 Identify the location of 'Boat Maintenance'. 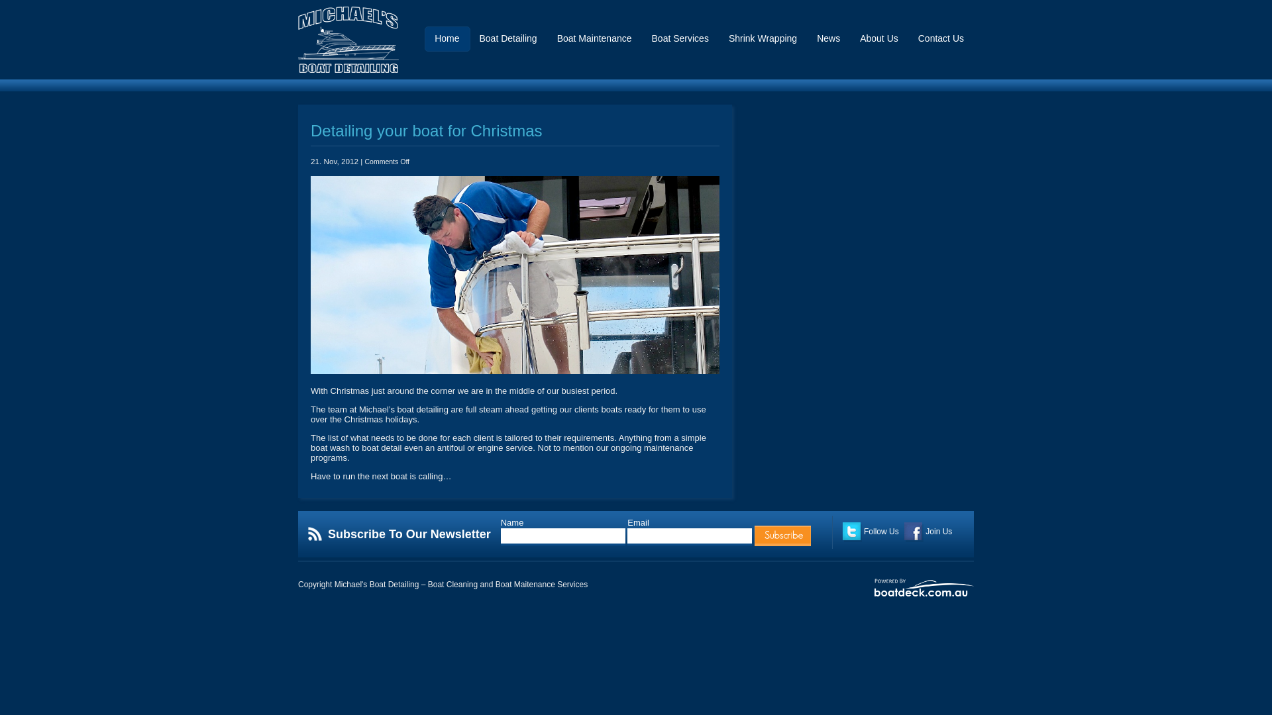
(556, 42).